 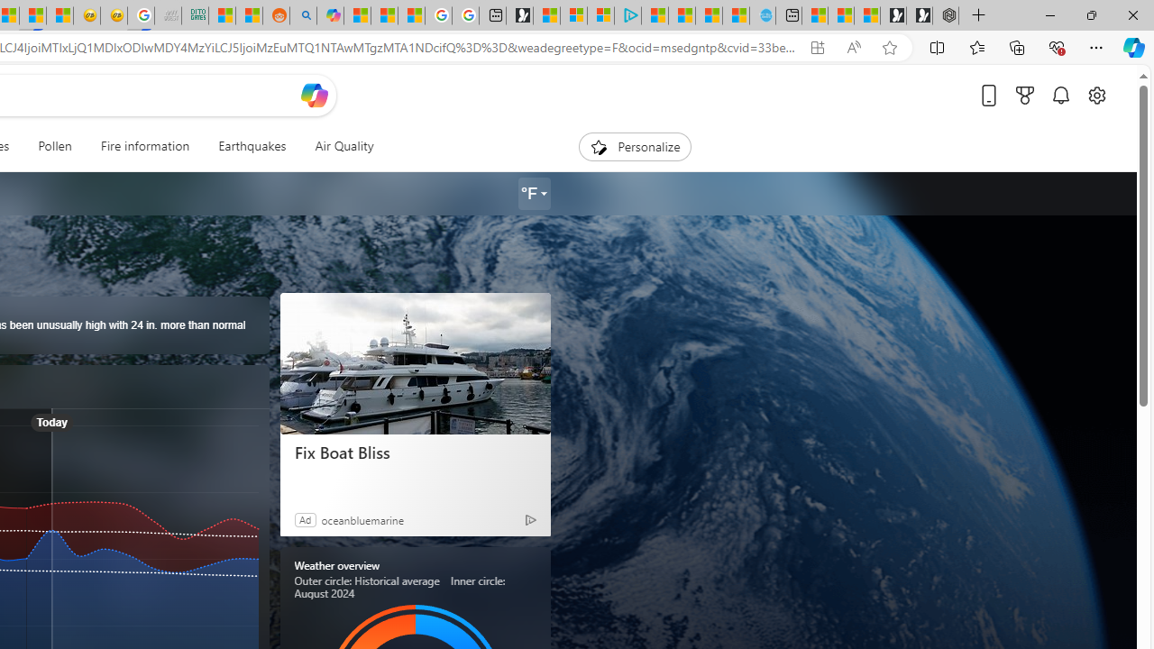 I want to click on 'Fire information', so click(x=144, y=146).